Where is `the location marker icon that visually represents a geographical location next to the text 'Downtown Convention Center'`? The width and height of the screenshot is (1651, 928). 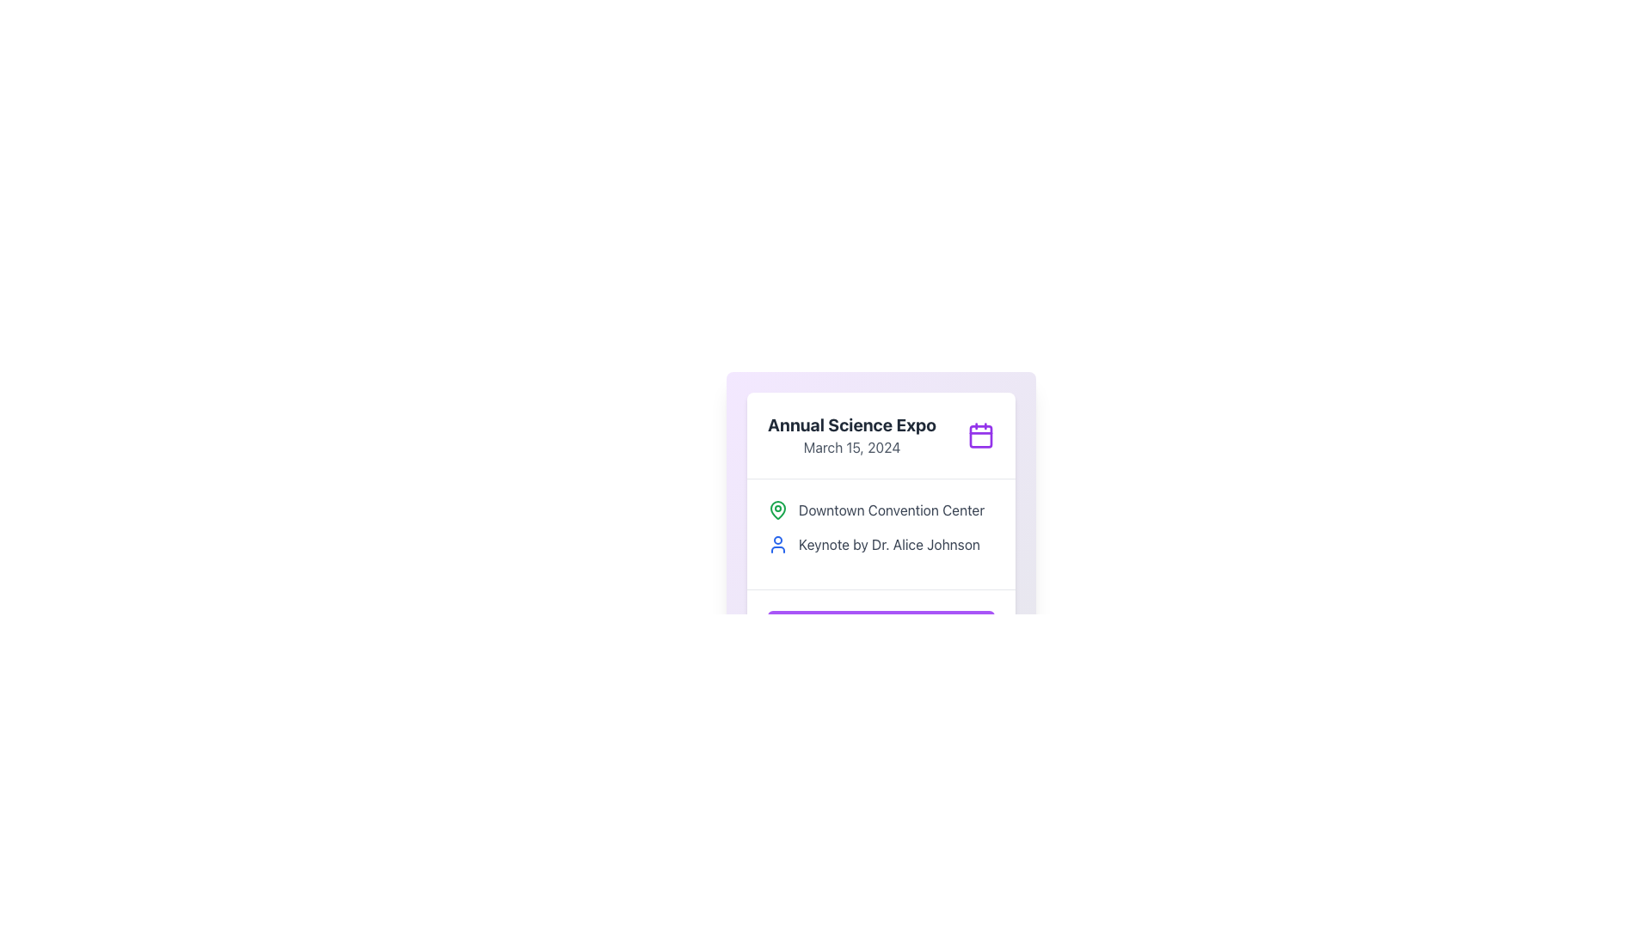
the location marker icon that visually represents a geographical location next to the text 'Downtown Convention Center' is located at coordinates (777, 510).